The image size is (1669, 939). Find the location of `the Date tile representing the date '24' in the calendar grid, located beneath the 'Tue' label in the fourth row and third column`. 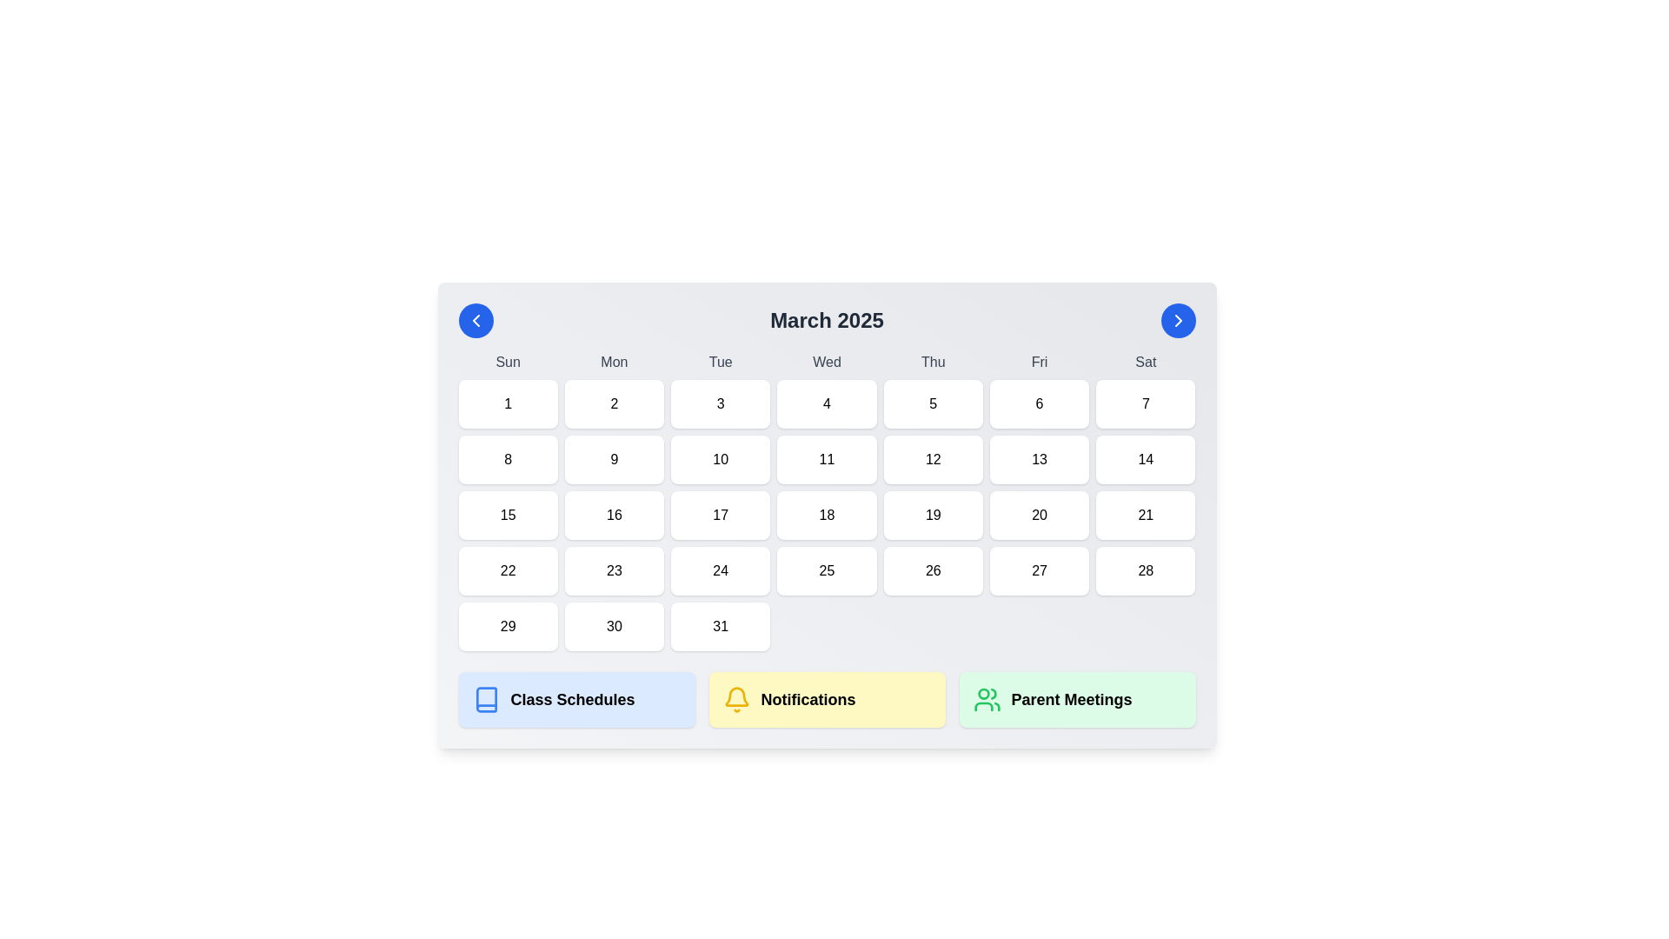

the Date tile representing the date '24' in the calendar grid, located beneath the 'Tue' label in the fourth row and third column is located at coordinates (721, 570).